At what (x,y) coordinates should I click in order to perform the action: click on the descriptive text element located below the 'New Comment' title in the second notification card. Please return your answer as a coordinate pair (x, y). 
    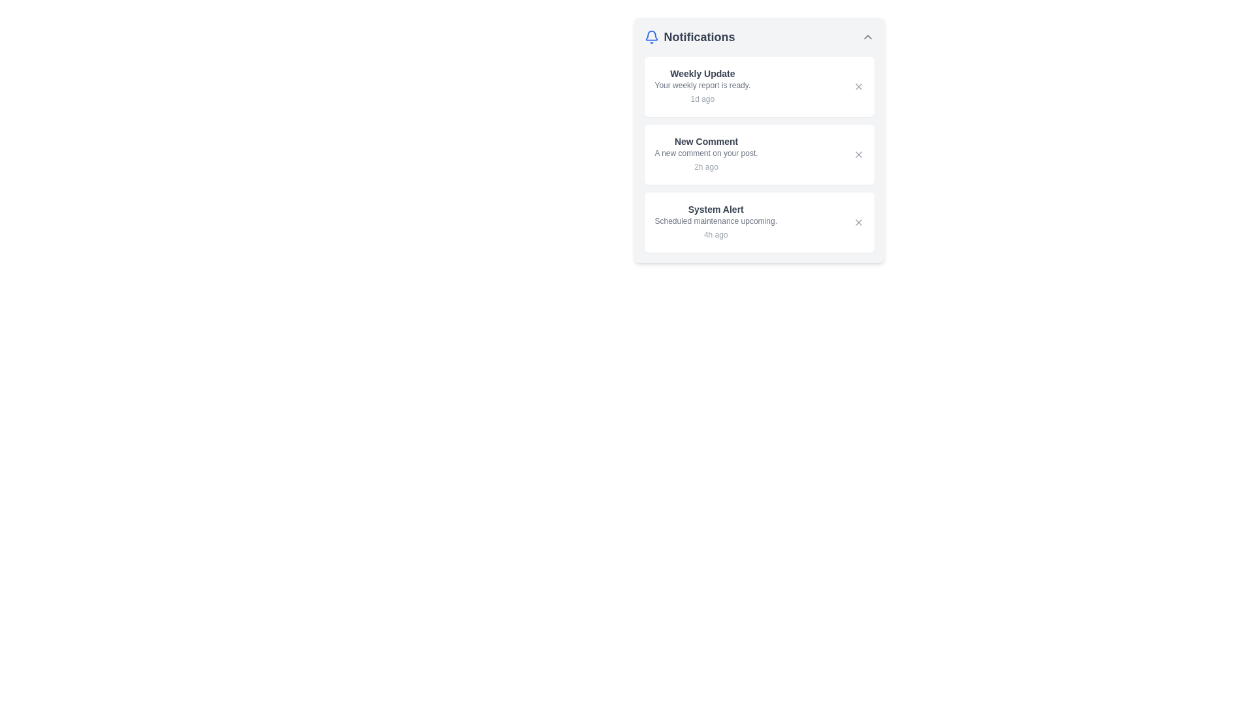
    Looking at the image, I should click on (705, 153).